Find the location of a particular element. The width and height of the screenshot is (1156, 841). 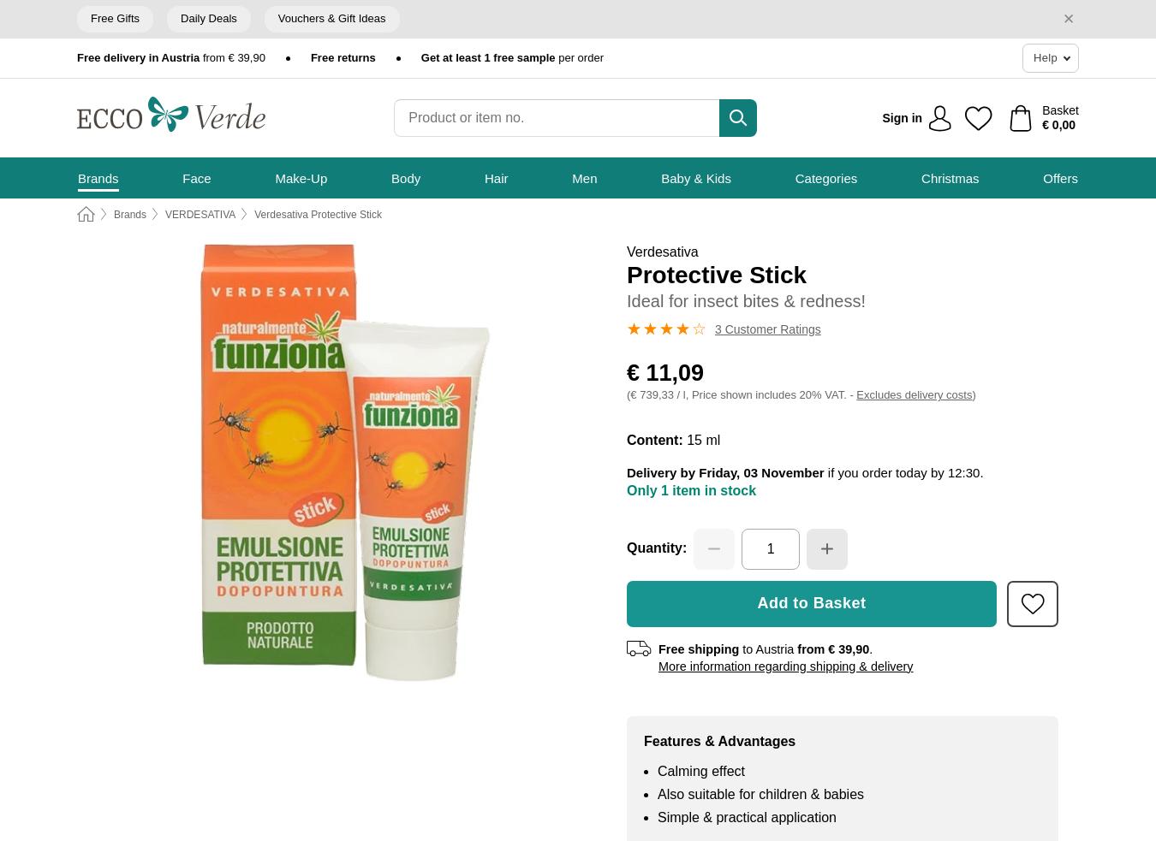

'Sign in' is located at coordinates (902, 116).